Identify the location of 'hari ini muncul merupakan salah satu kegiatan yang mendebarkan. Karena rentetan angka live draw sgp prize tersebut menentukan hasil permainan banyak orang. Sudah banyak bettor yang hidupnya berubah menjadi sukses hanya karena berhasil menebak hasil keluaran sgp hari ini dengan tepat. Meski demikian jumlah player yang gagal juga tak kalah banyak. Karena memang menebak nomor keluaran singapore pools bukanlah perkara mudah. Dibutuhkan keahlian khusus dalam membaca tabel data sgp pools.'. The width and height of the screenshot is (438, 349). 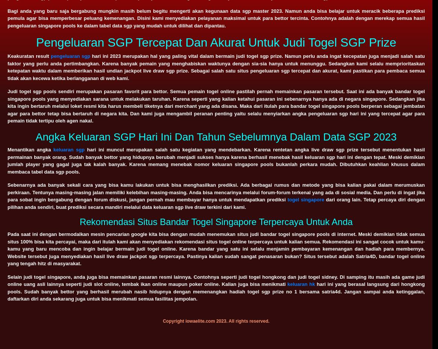
(216, 160).